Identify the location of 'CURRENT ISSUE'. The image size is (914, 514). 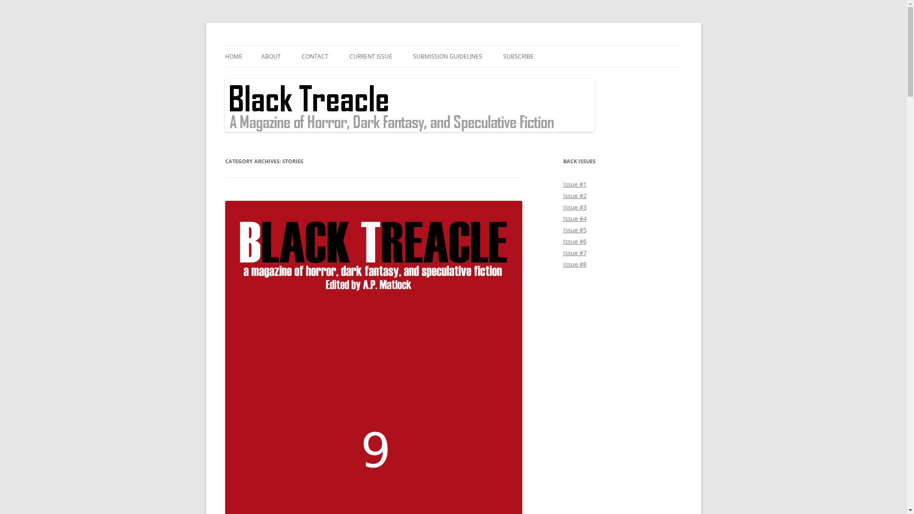
(370, 57).